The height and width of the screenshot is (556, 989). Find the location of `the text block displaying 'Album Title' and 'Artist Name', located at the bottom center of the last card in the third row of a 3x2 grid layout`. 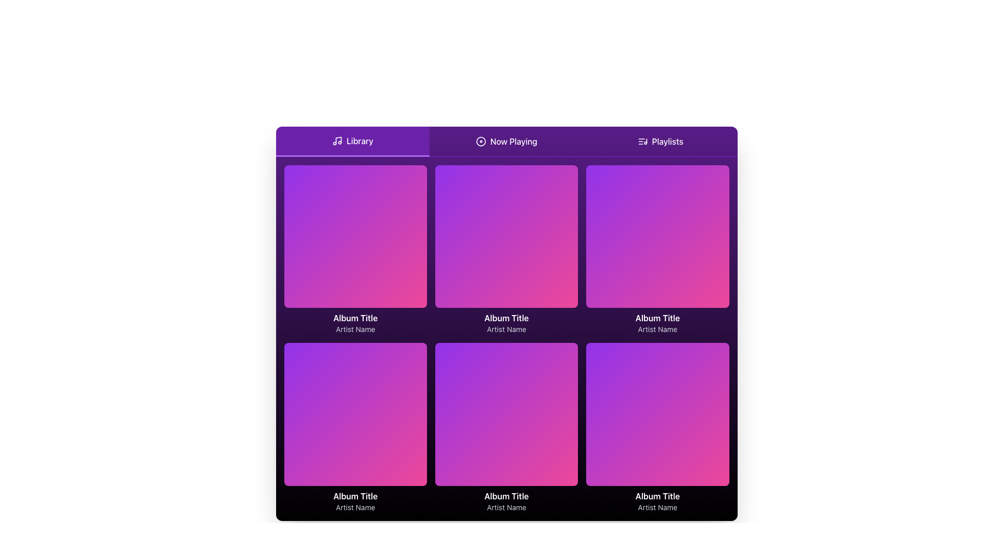

the text block displaying 'Album Title' and 'Artist Name', located at the bottom center of the last card in the third row of a 3x2 grid layout is located at coordinates (657, 500).